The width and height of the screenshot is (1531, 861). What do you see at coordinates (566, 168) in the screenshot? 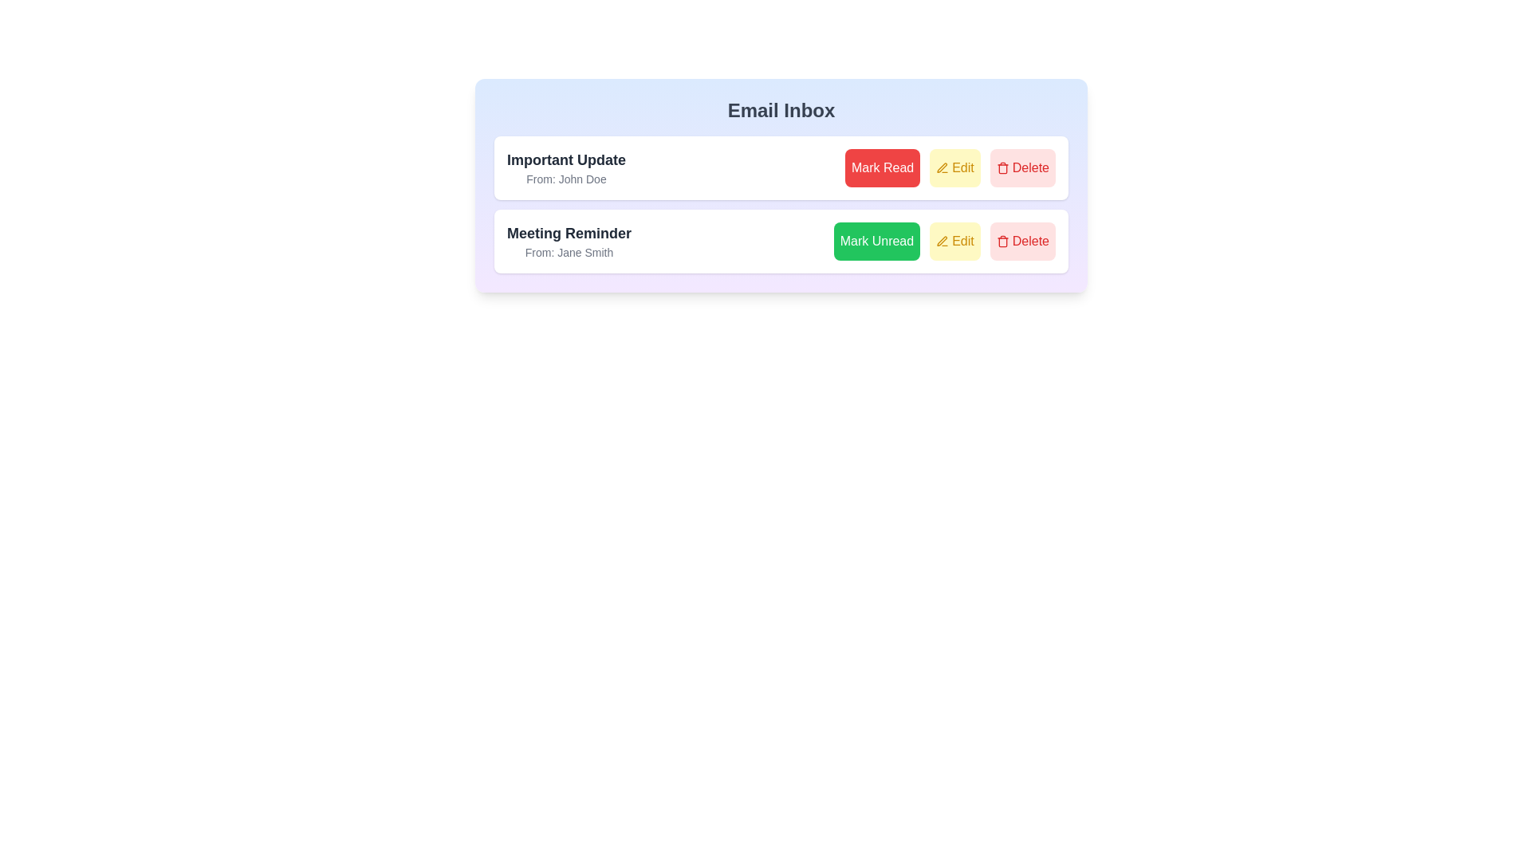
I see `the email item to view its subject and sender information` at bounding box center [566, 168].